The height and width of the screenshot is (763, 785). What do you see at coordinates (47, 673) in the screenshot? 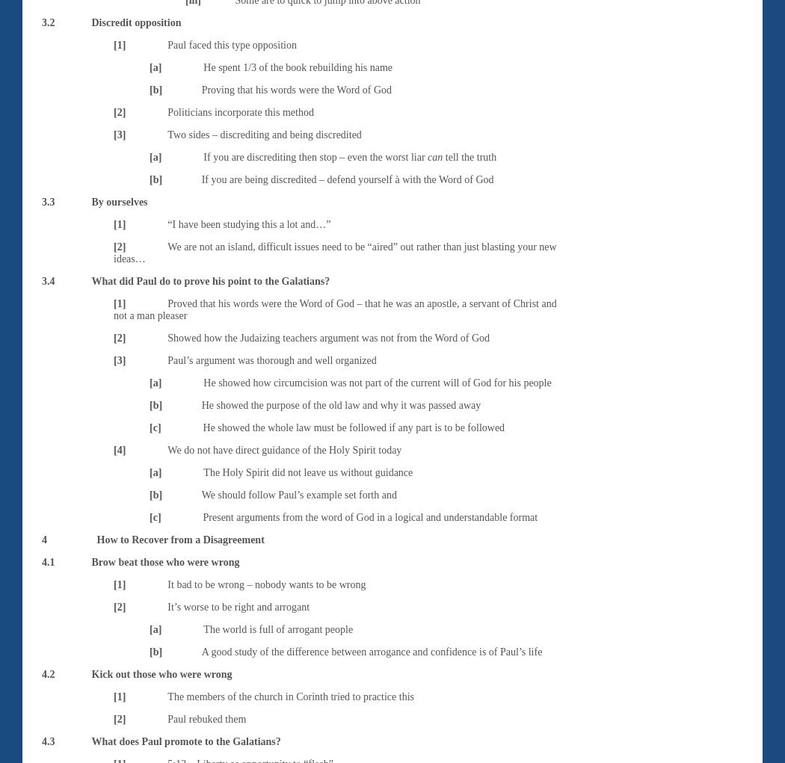
I see `'4.2'` at bounding box center [47, 673].